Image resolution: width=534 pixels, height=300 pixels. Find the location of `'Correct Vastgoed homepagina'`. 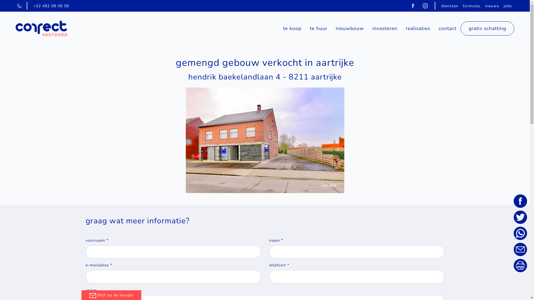

'Correct Vastgoed homepagina' is located at coordinates (41, 28).